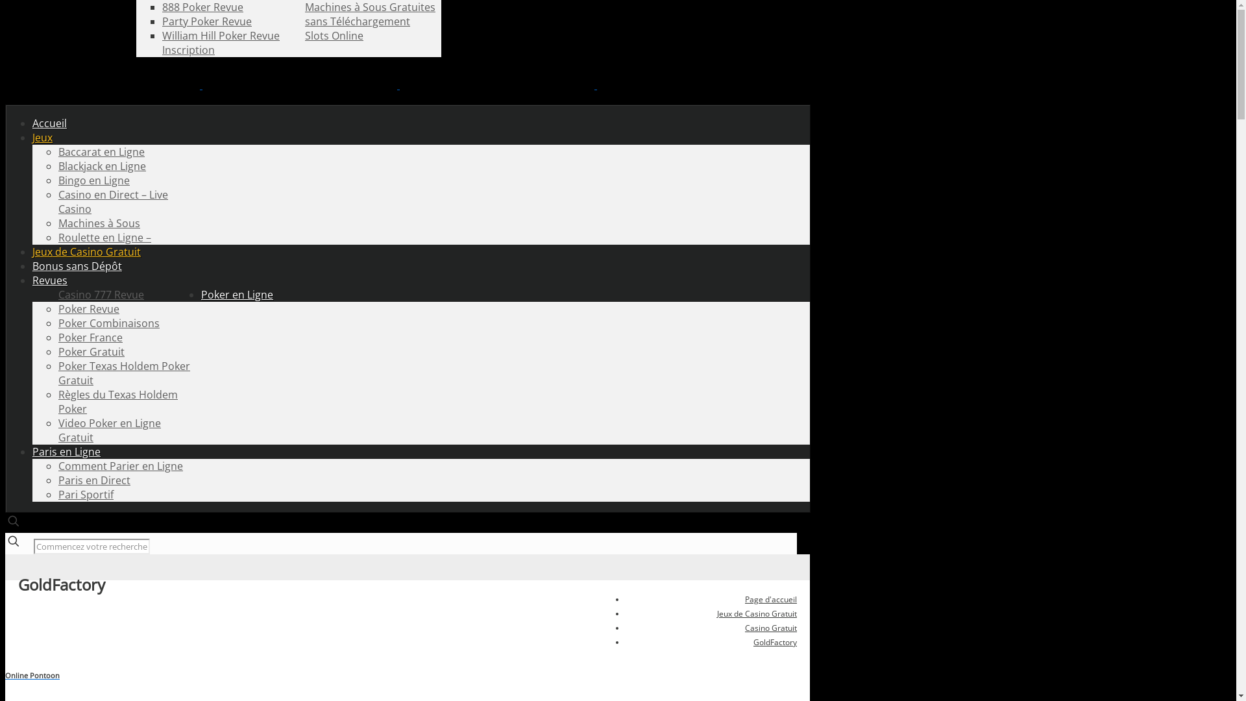 The width and height of the screenshot is (1246, 701). What do you see at coordinates (161, 7) in the screenshot?
I see `'Roulette Gratuite'` at bounding box center [161, 7].